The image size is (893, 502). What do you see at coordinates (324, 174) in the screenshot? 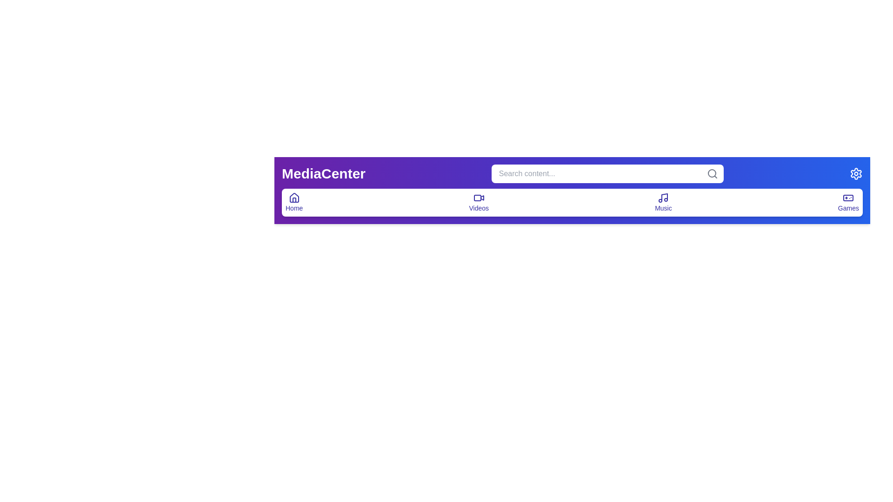
I see `the 'MediaCenter' text` at bounding box center [324, 174].